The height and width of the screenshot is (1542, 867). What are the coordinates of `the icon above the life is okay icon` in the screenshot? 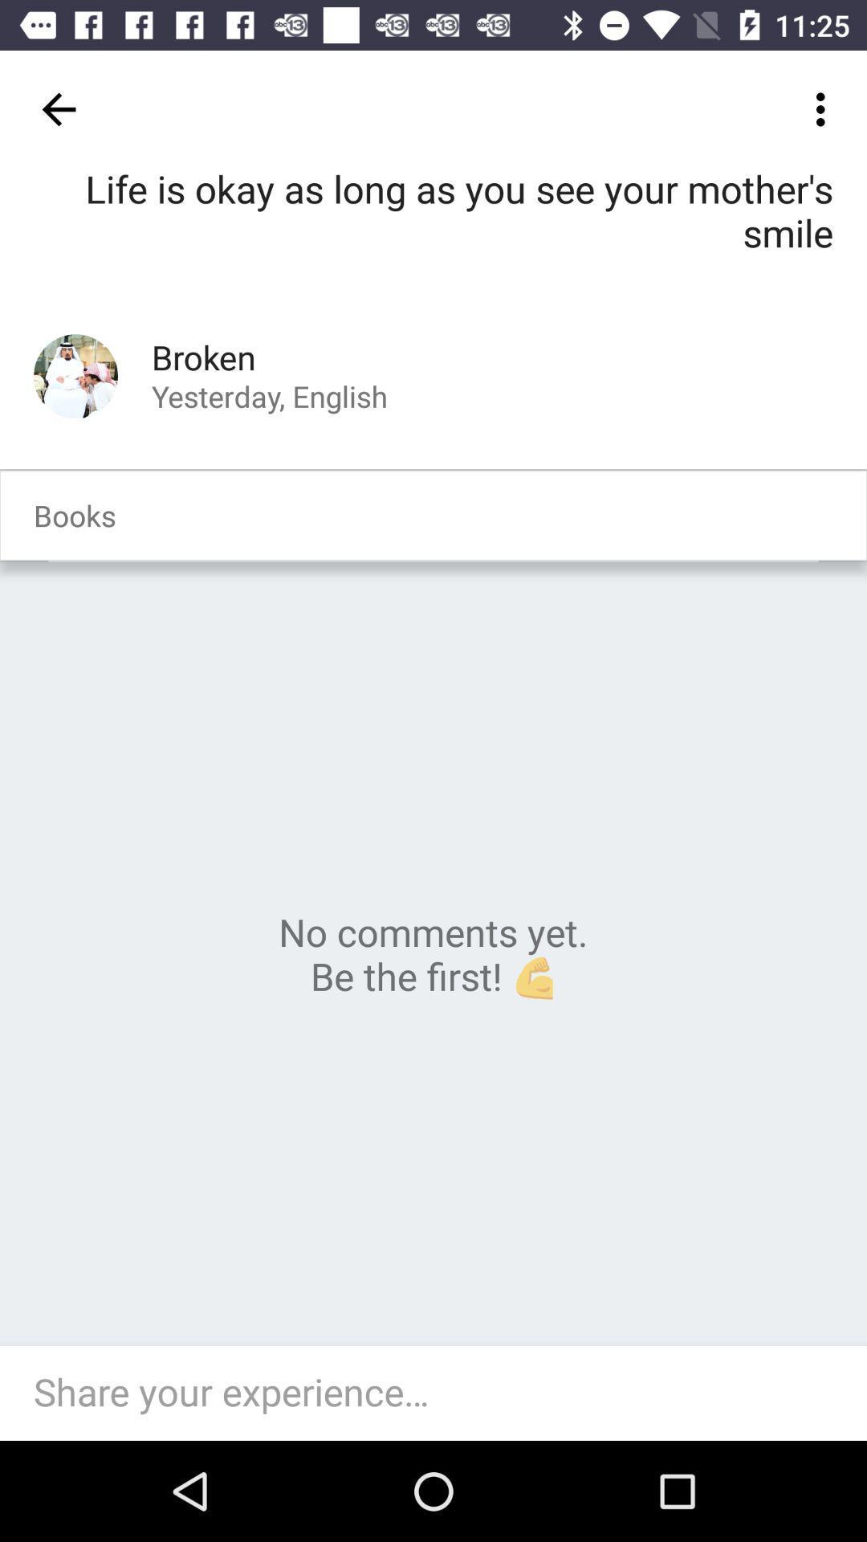 It's located at (58, 108).